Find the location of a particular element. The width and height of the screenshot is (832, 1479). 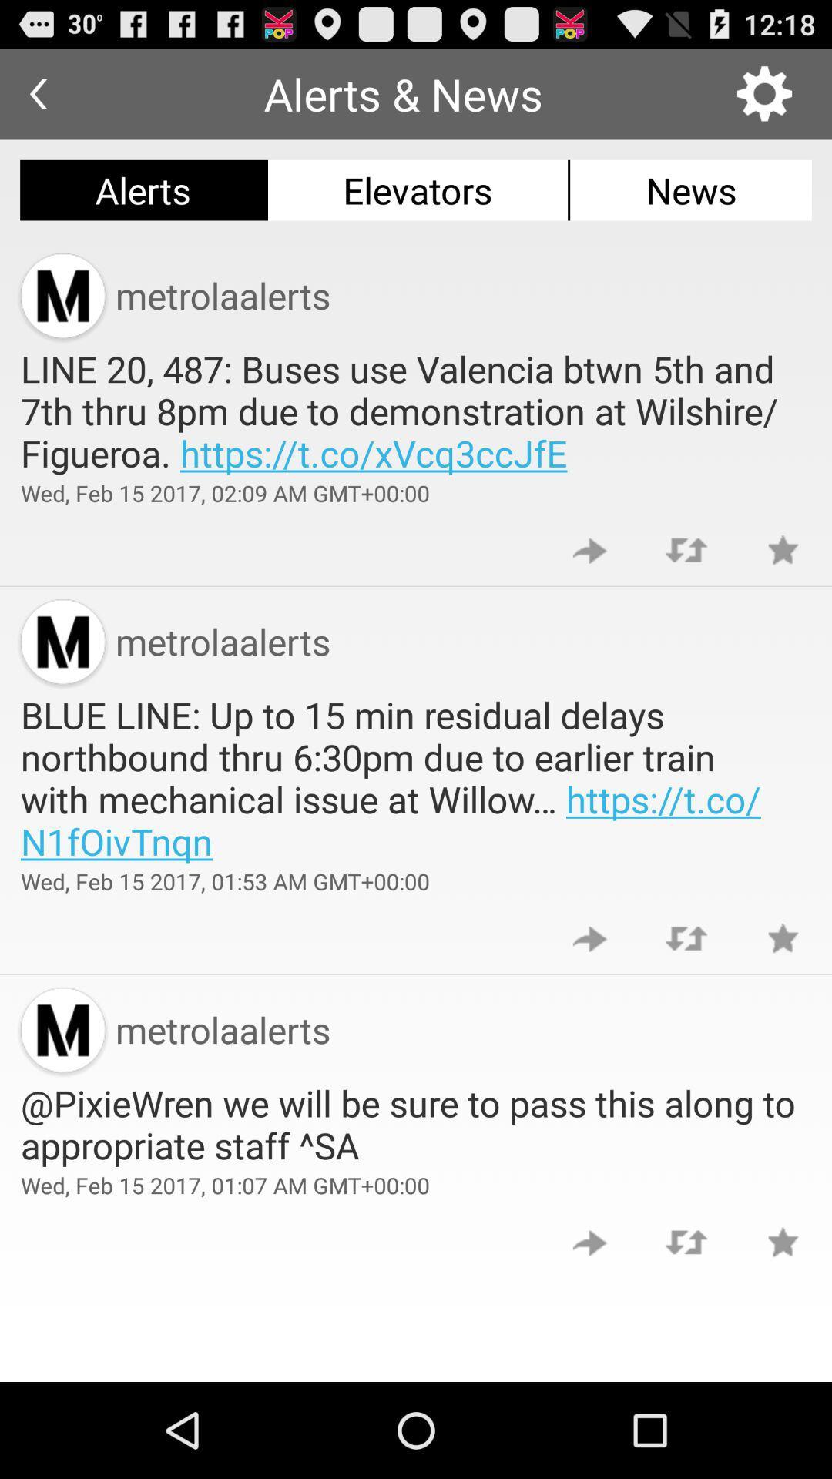

the icon to the left of alerts & news icon is located at coordinates (37, 93).